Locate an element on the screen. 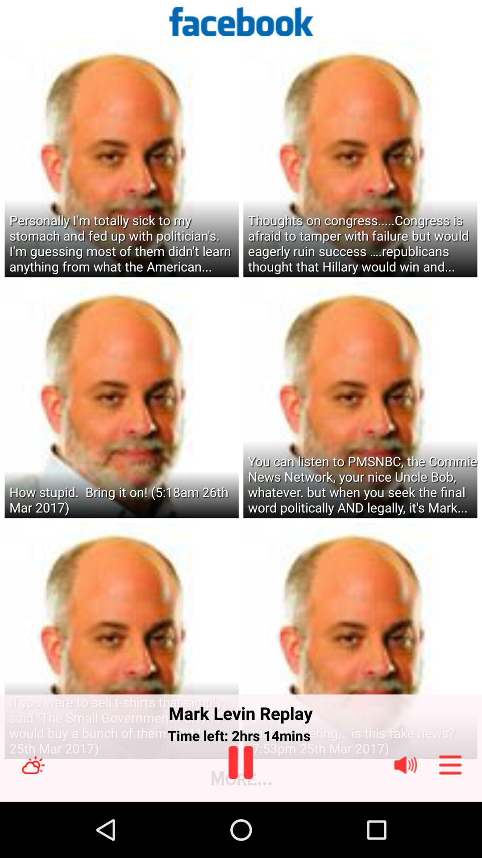 This screenshot has width=482, height=858. the menu icon is located at coordinates (450, 819).